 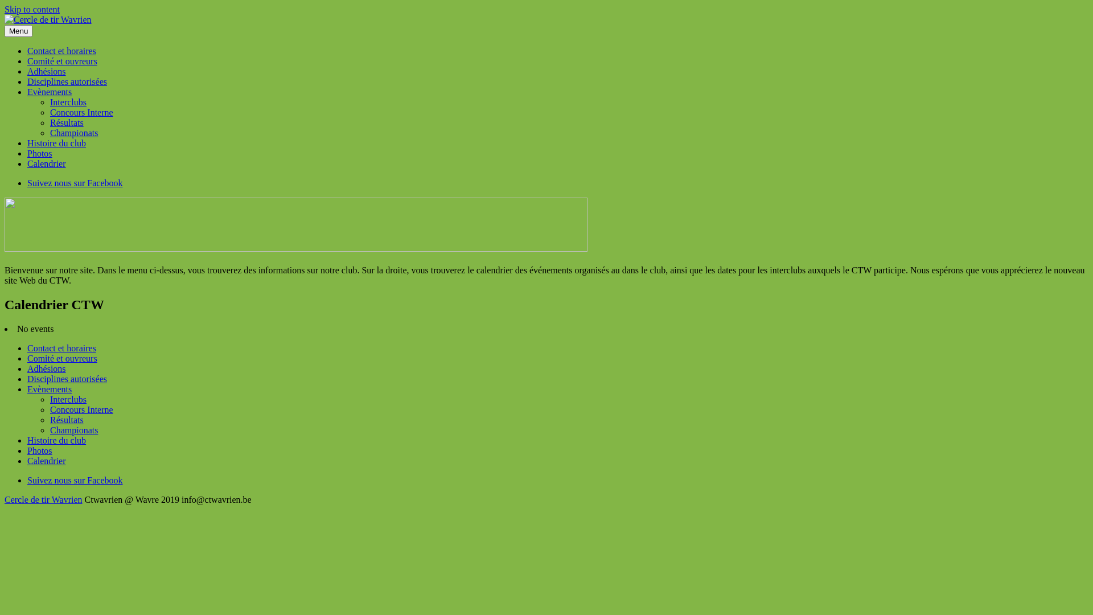 What do you see at coordinates (46, 163) in the screenshot?
I see `'Calendrier'` at bounding box center [46, 163].